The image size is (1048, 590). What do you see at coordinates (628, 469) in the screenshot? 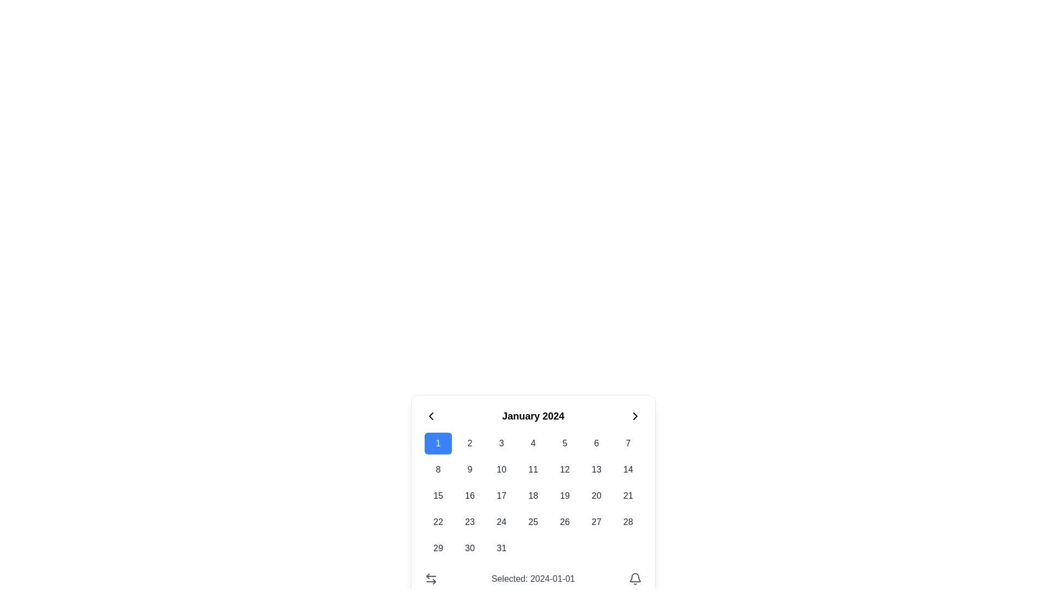
I see `the clickable calendar day cell representing the 14th day of the month located at the second row, seventh column in the calendar view` at bounding box center [628, 469].